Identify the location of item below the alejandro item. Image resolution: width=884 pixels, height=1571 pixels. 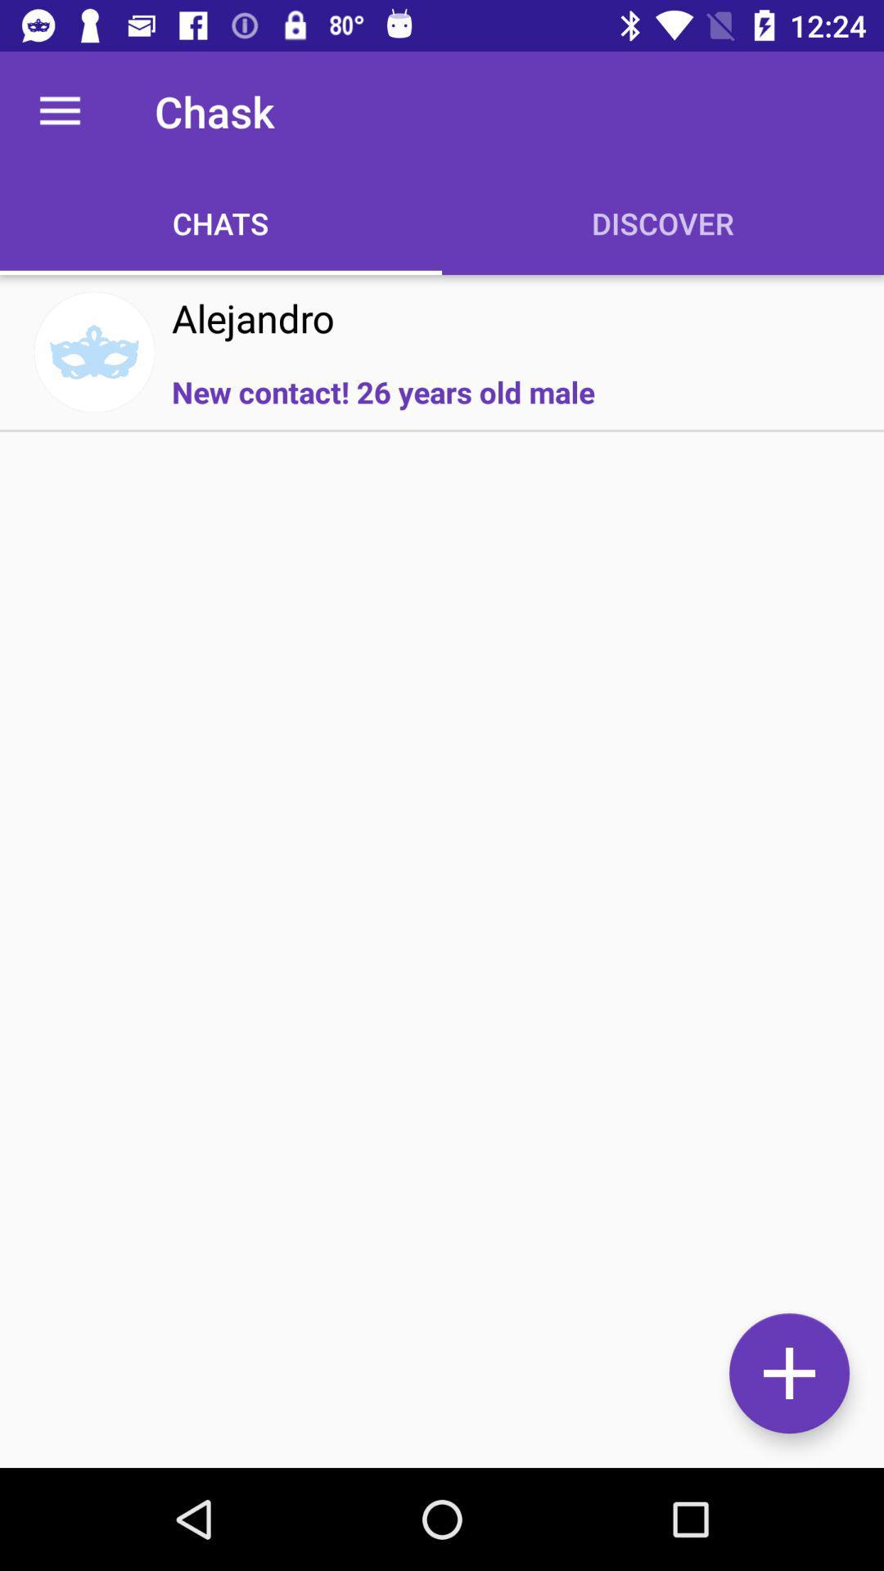
(383, 391).